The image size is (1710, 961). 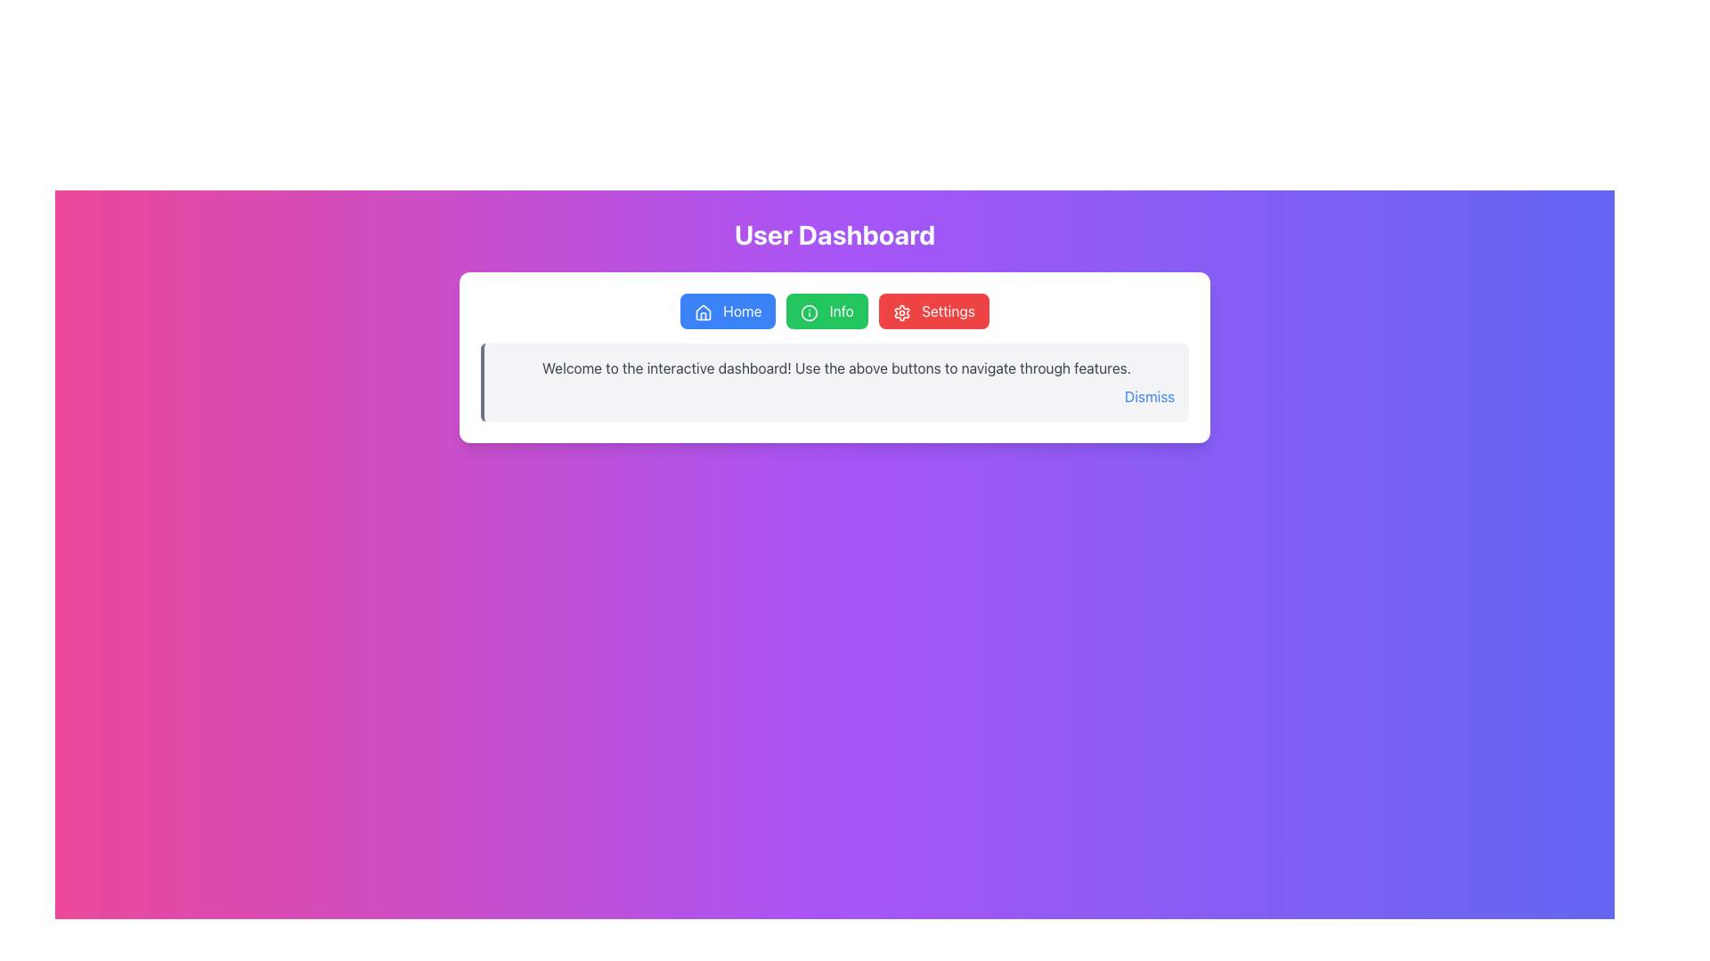 I want to click on the 'Home' icon located inside the blue button labeled 'Home' on the top bar, positioned to the left of the 'Info' and 'Settings' buttons, so click(x=703, y=311).